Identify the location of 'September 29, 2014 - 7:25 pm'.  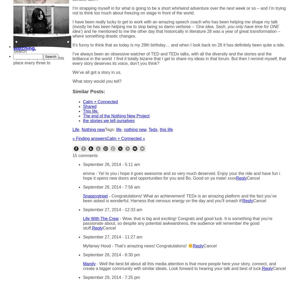
(82, 277).